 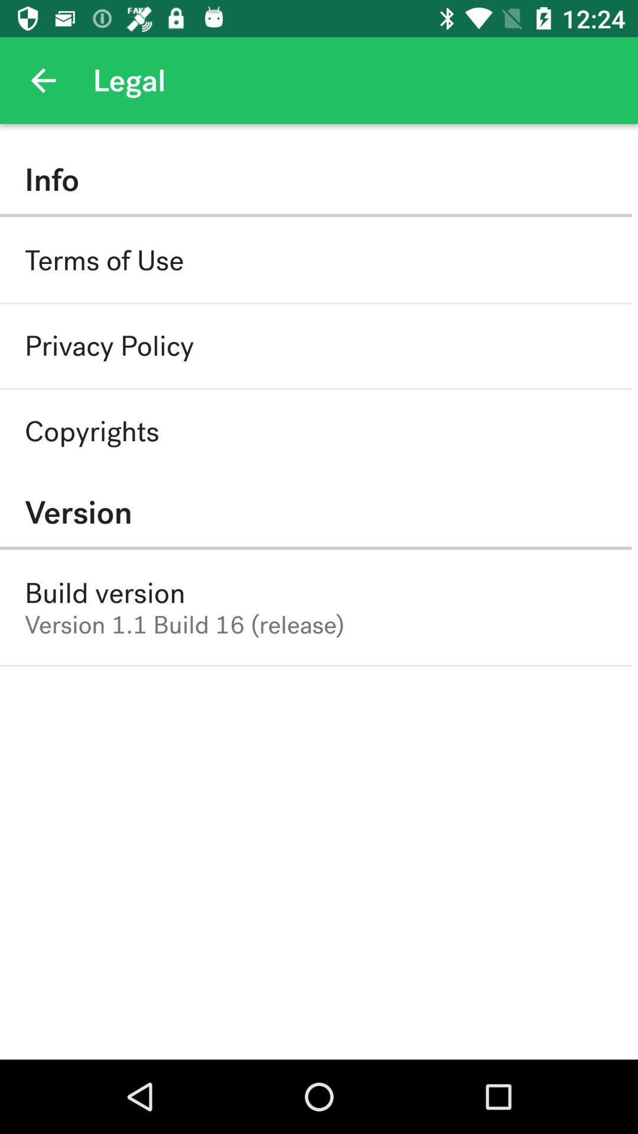 What do you see at coordinates (91, 431) in the screenshot?
I see `item above version` at bounding box center [91, 431].